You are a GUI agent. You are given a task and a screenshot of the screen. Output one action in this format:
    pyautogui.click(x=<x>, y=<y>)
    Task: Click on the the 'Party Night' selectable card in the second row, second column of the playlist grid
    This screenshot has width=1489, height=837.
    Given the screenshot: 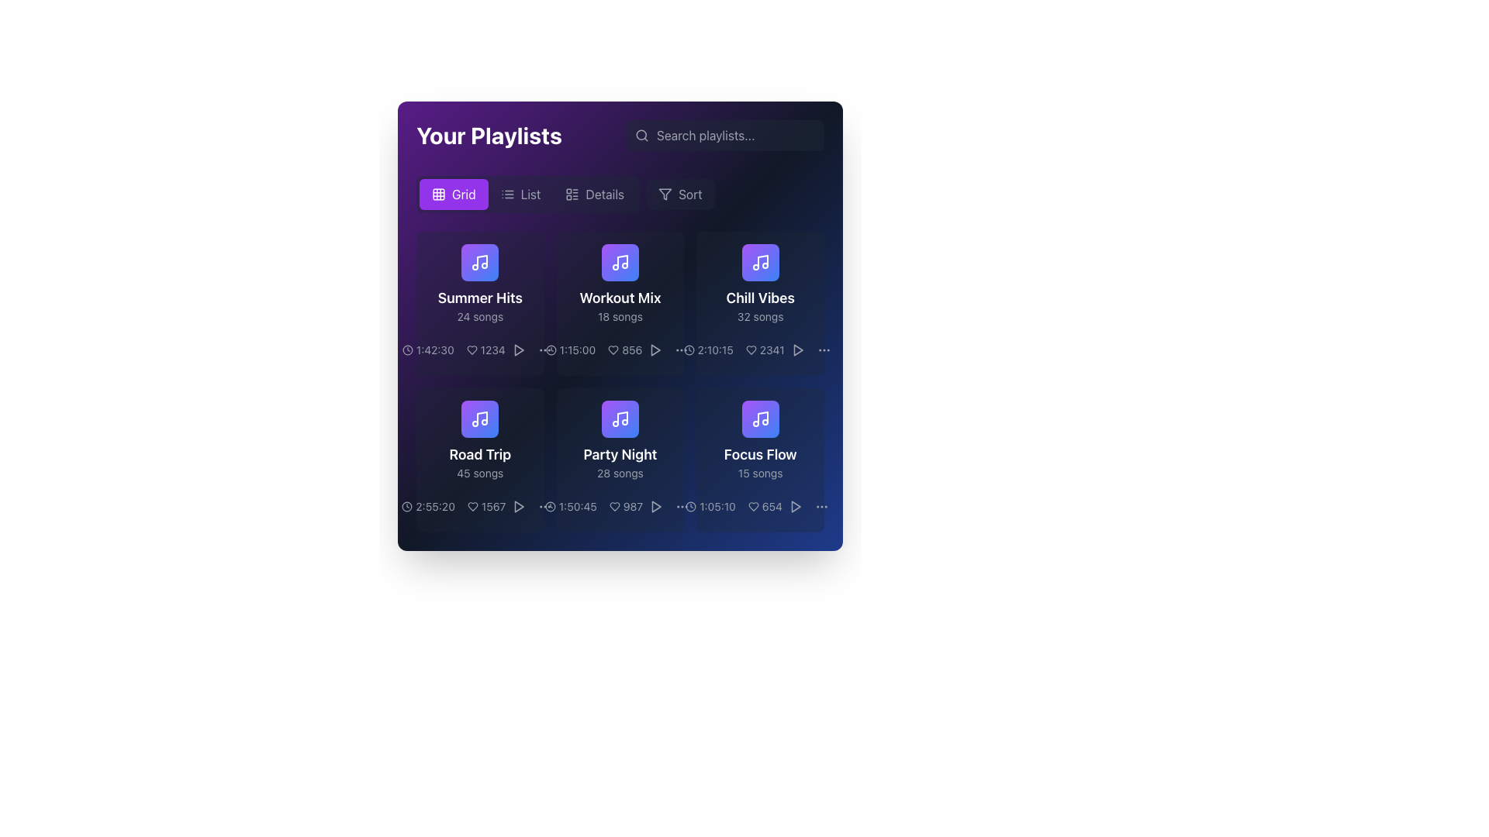 What is the action you would take?
    pyautogui.click(x=620, y=441)
    